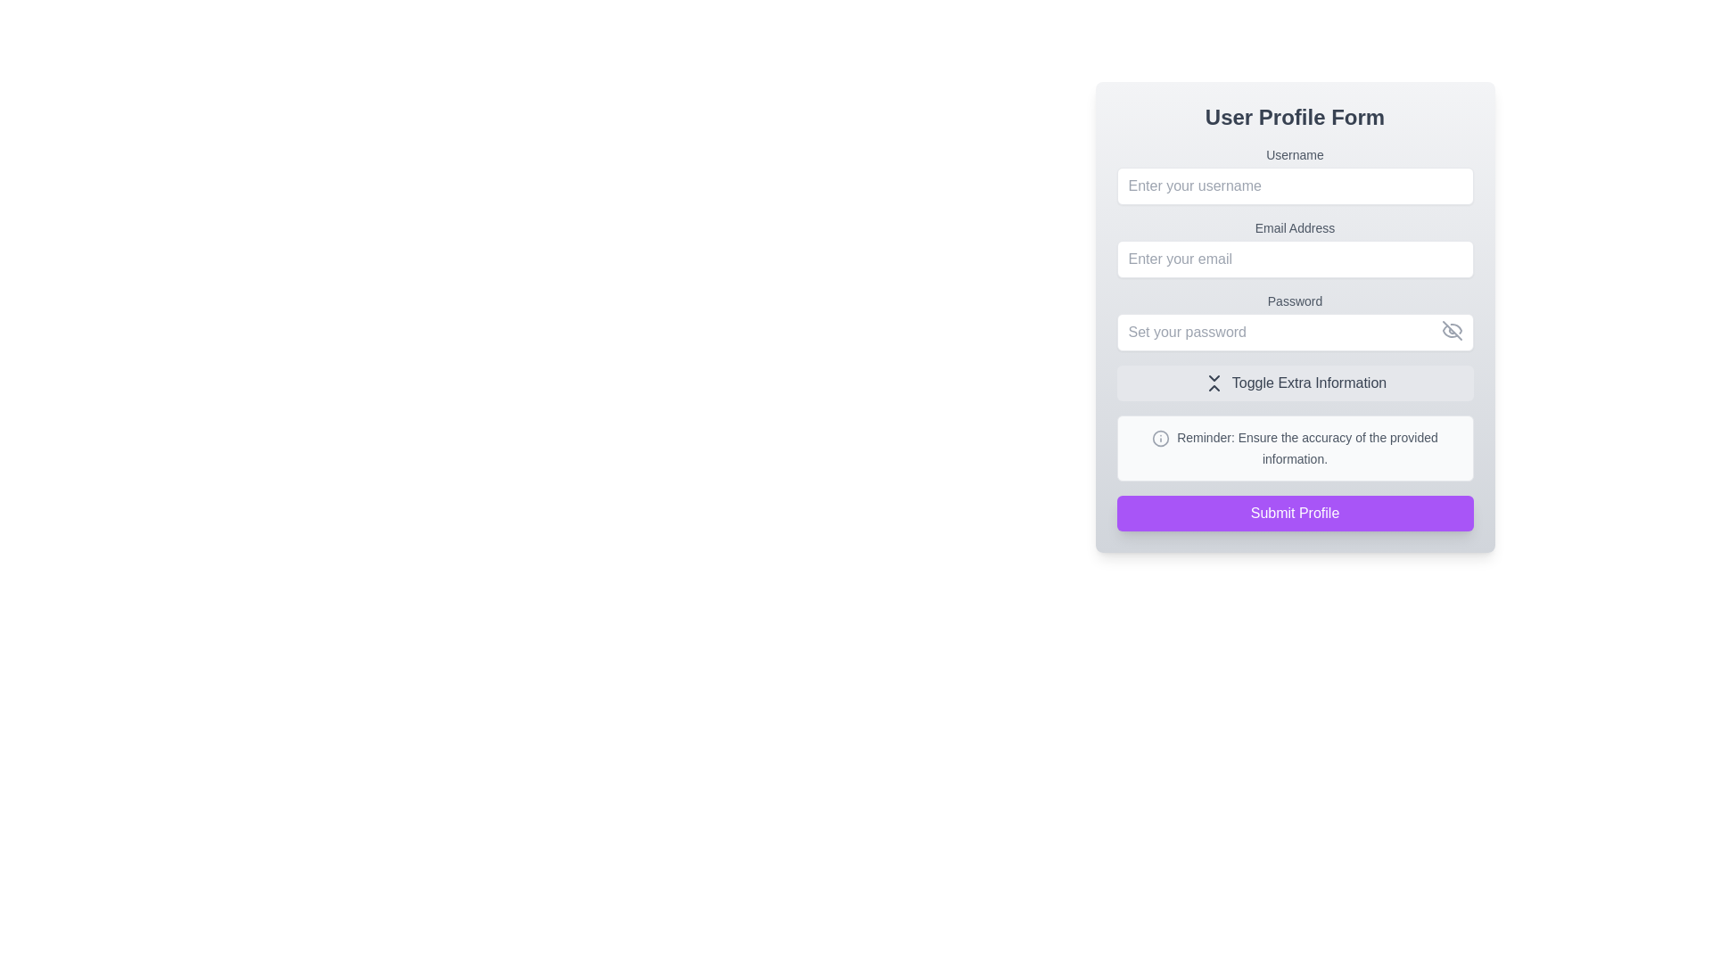 This screenshot has height=963, width=1712. I want to click on the 'Toggle Extra Information' button, which contains two chevron arrows pointing up and down, so click(1213, 382).